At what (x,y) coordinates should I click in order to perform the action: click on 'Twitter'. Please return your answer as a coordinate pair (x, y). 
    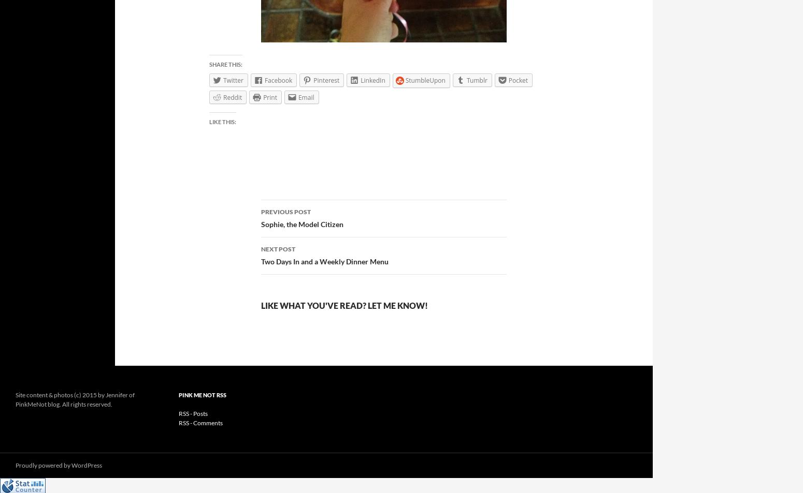
    Looking at the image, I should click on (233, 79).